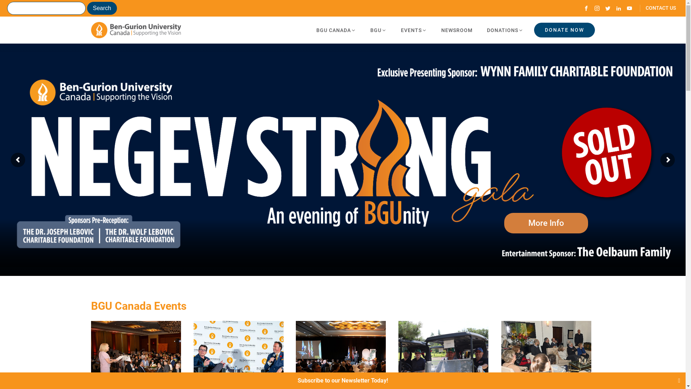  Describe the element at coordinates (479, 30) in the screenshot. I see `'DONATIONS'` at that location.